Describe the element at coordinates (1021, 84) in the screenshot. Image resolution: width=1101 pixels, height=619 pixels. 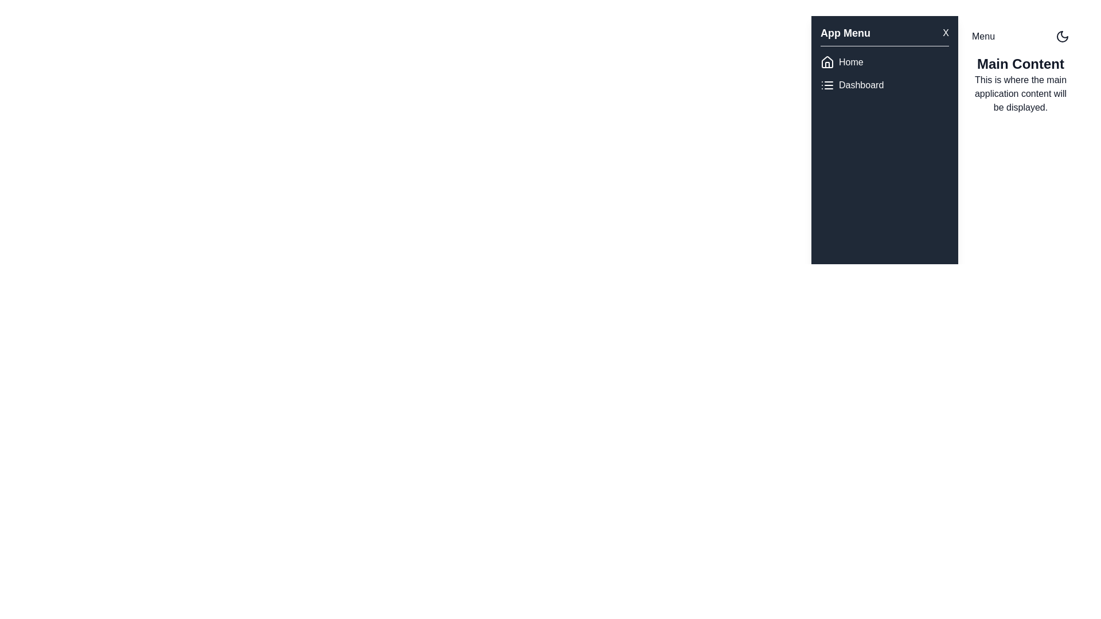
I see `informational text block titled 'Main Content' that explains 'This is where the main application content will be displayed.'` at that location.